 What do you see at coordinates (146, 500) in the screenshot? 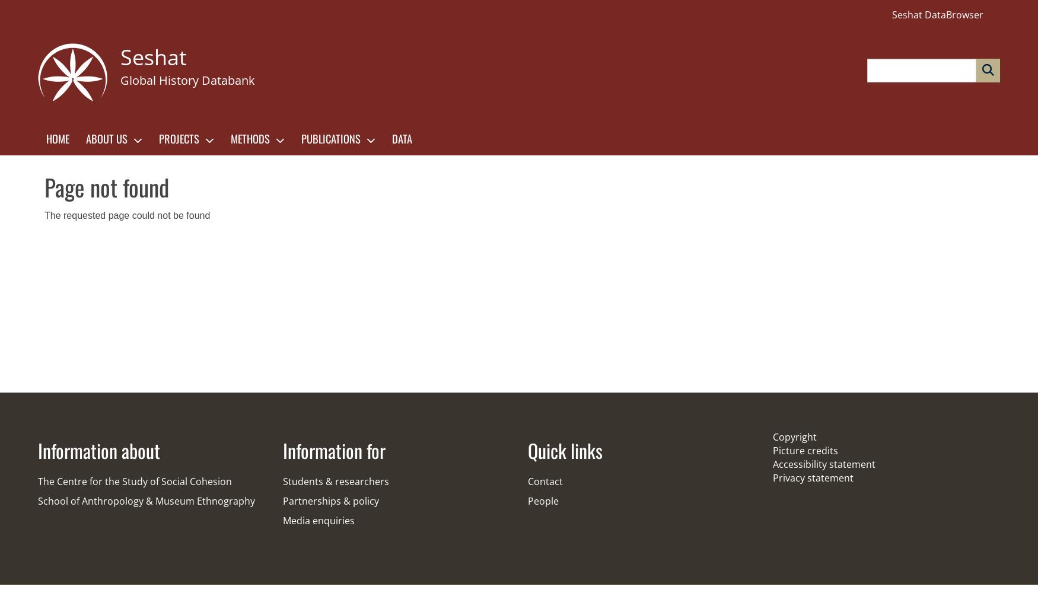
I see `'School of Anthropology & Museum Ethnography'` at bounding box center [146, 500].